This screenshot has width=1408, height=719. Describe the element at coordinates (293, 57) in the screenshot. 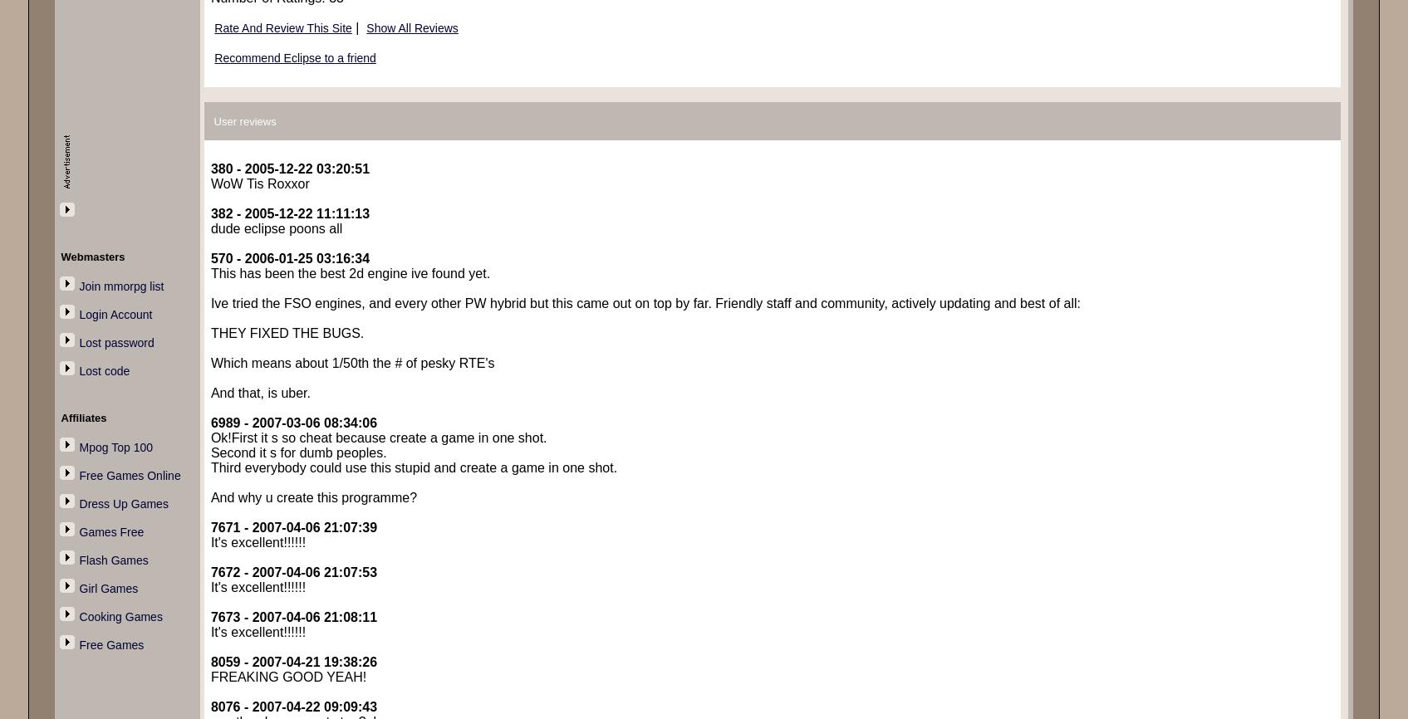

I see `'Recommend Eclipse to a friend'` at that location.